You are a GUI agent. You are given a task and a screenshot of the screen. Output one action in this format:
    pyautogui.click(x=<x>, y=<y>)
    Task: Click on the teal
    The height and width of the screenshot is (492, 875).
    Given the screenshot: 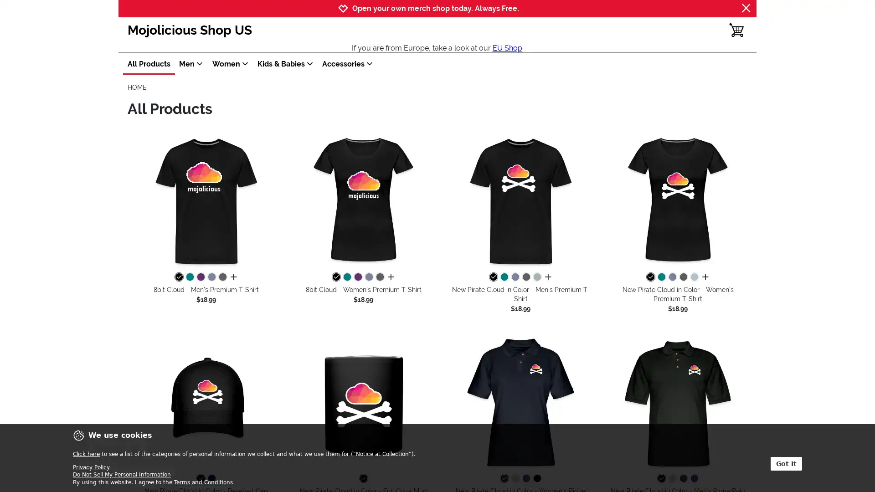 What is the action you would take?
    pyautogui.click(x=503, y=277)
    